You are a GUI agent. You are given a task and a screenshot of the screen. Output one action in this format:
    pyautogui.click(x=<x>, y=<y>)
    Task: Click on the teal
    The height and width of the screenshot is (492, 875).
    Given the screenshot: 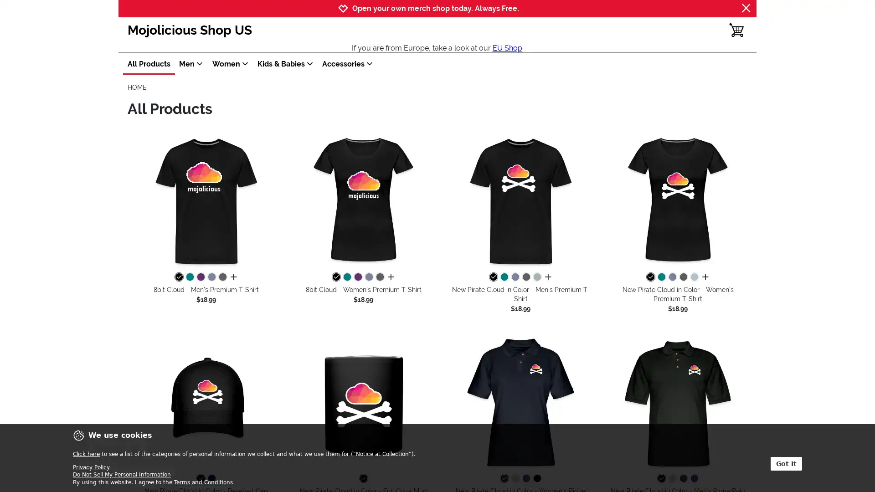 What is the action you would take?
    pyautogui.click(x=503, y=277)
    